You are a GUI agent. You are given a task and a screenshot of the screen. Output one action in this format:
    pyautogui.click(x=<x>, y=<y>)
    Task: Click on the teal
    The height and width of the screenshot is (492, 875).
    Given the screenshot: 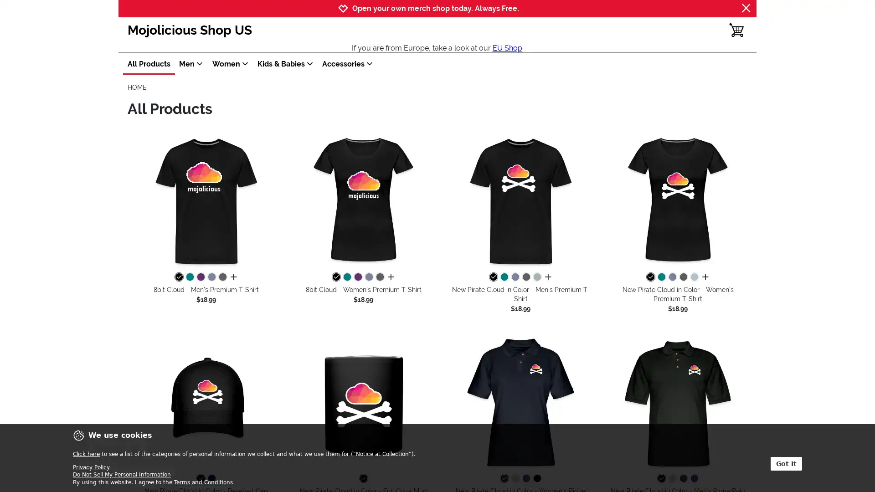 What is the action you would take?
    pyautogui.click(x=503, y=277)
    